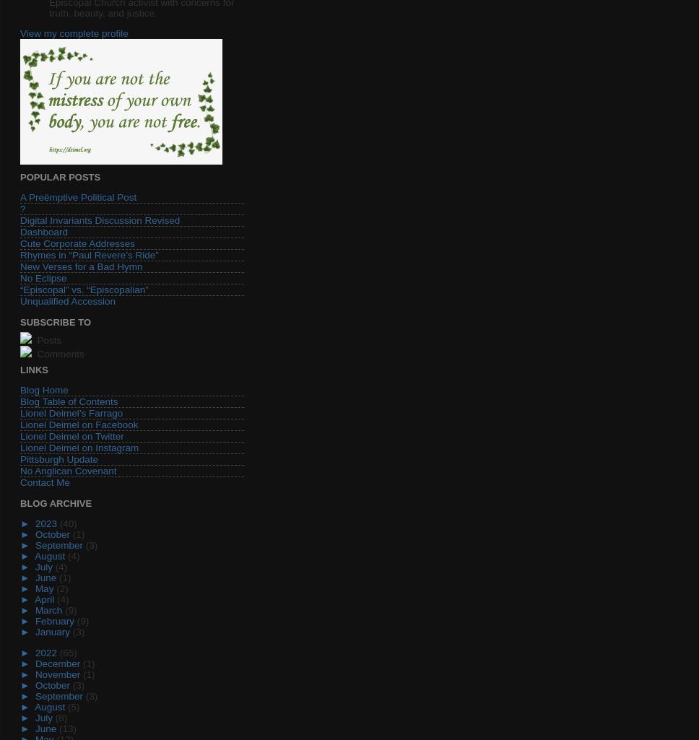  What do you see at coordinates (45, 598) in the screenshot?
I see `'April'` at bounding box center [45, 598].